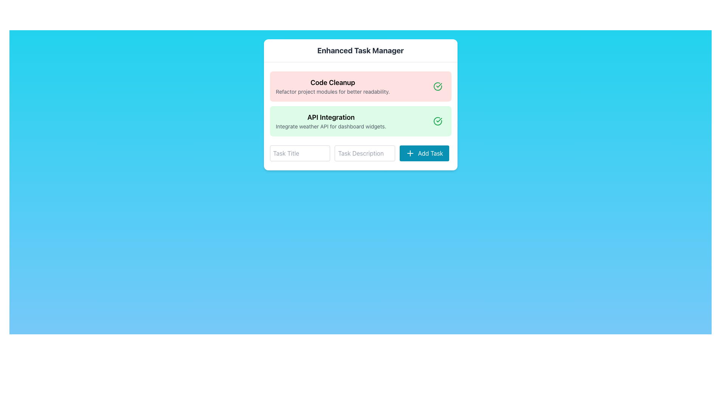 This screenshot has height=408, width=726. Describe the element at coordinates (437, 86) in the screenshot. I see `the green circular checkmark icon located at the rightmost end of the 'Code Cleanup' task block` at that location.